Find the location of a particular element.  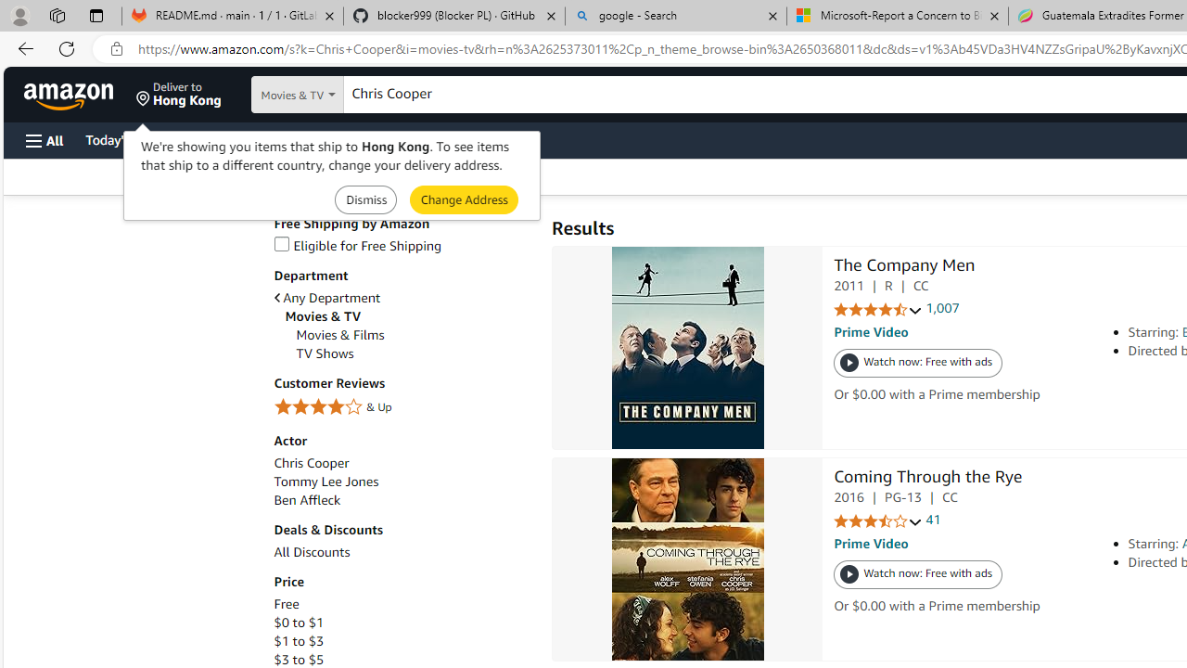

'41' is located at coordinates (933, 520).